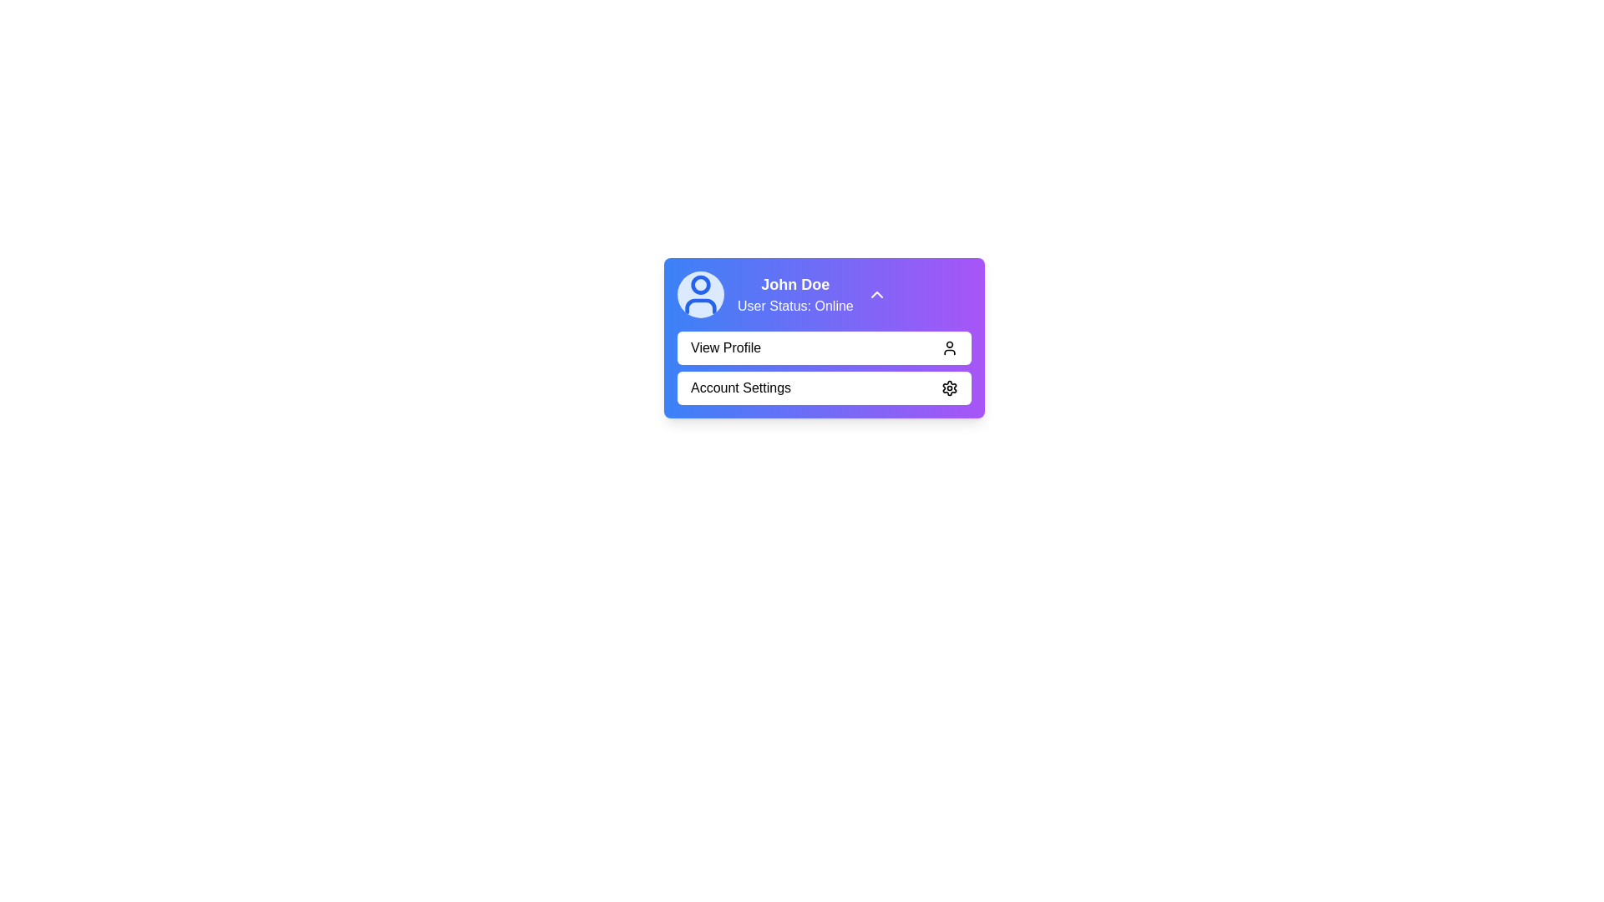 This screenshot has width=1604, height=902. Describe the element at coordinates (950, 388) in the screenshot. I see `the gear-shaped settings icon` at that location.